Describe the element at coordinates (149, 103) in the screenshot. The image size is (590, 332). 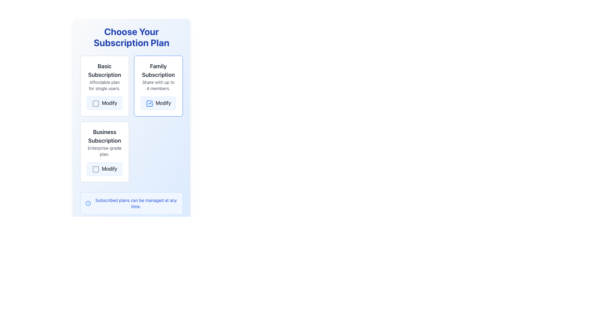
I see `the icon indicating the selected or completed state for the 'Family Subscription' within the 'Modify' button` at that location.